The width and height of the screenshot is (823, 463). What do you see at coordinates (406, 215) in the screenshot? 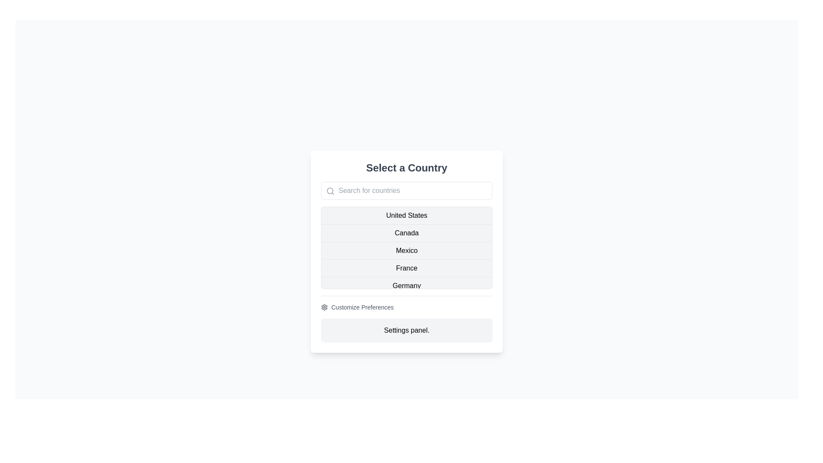
I see `the List item displaying 'United States' in a light gray rectangular background, which is the first item in the country names list` at bounding box center [406, 215].